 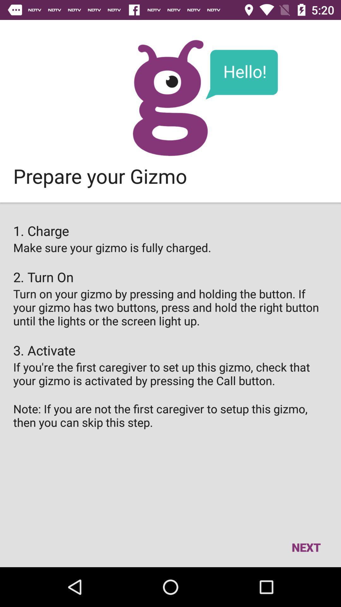 I want to click on next at the bottom right corner, so click(x=306, y=547).